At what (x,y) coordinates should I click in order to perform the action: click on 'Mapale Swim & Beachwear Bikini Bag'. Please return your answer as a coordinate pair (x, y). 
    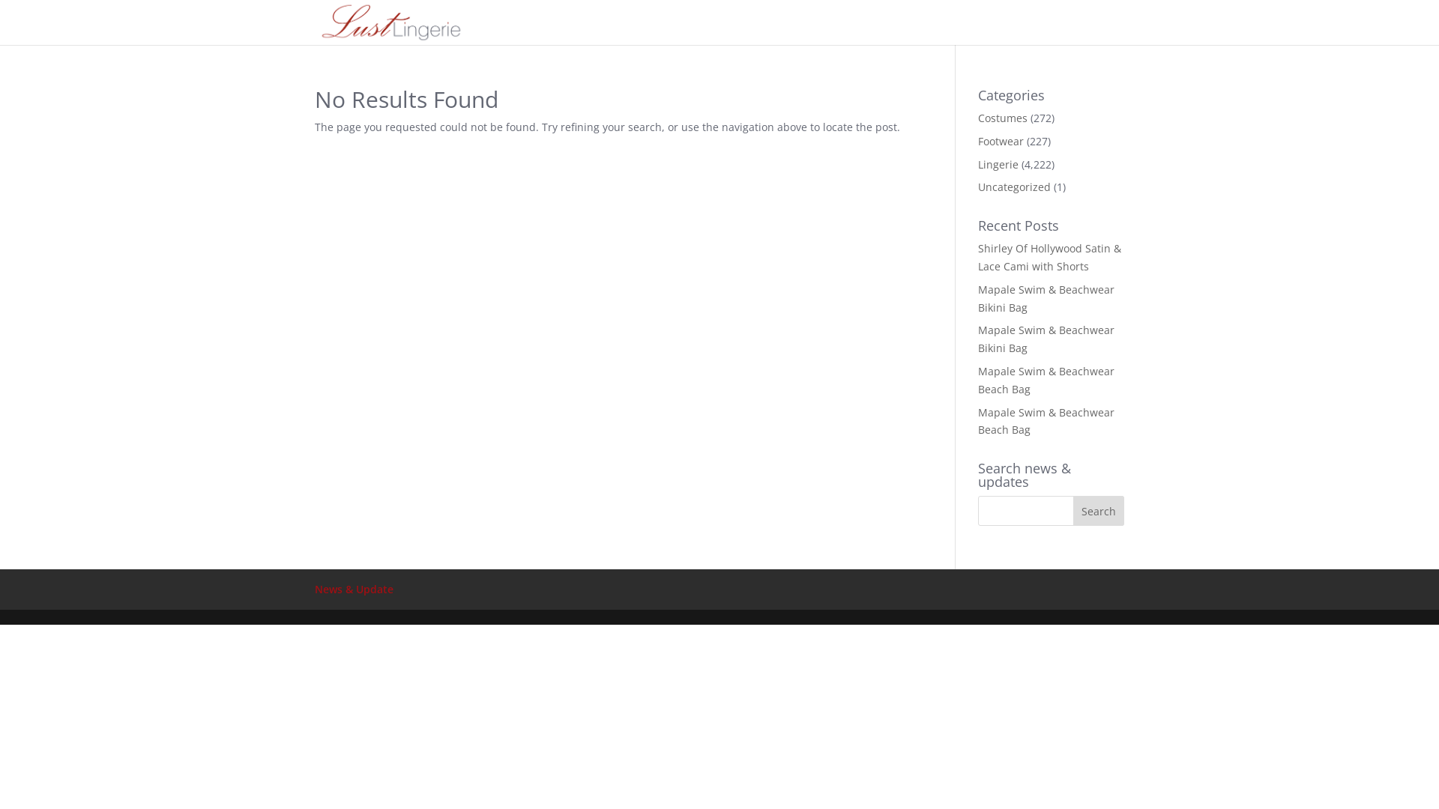
    Looking at the image, I should click on (1046, 298).